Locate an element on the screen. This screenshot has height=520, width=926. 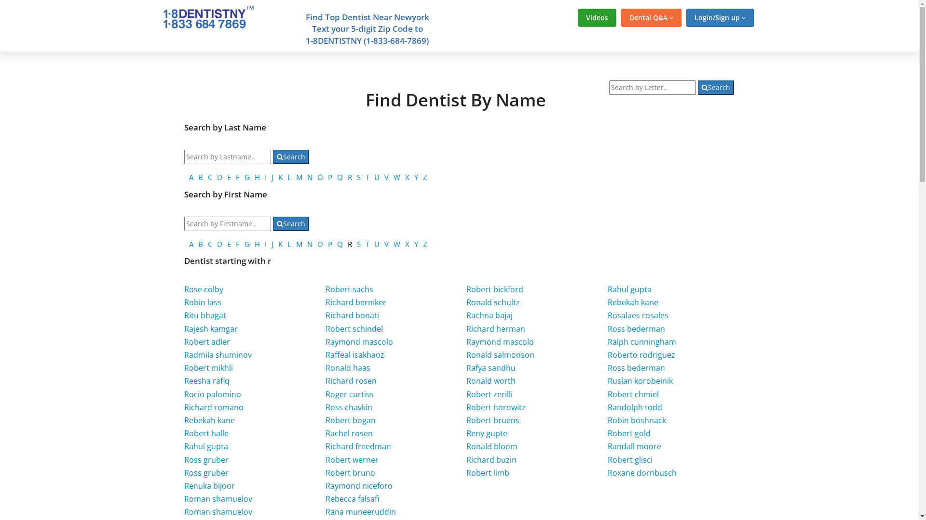
'J' is located at coordinates (271, 243).